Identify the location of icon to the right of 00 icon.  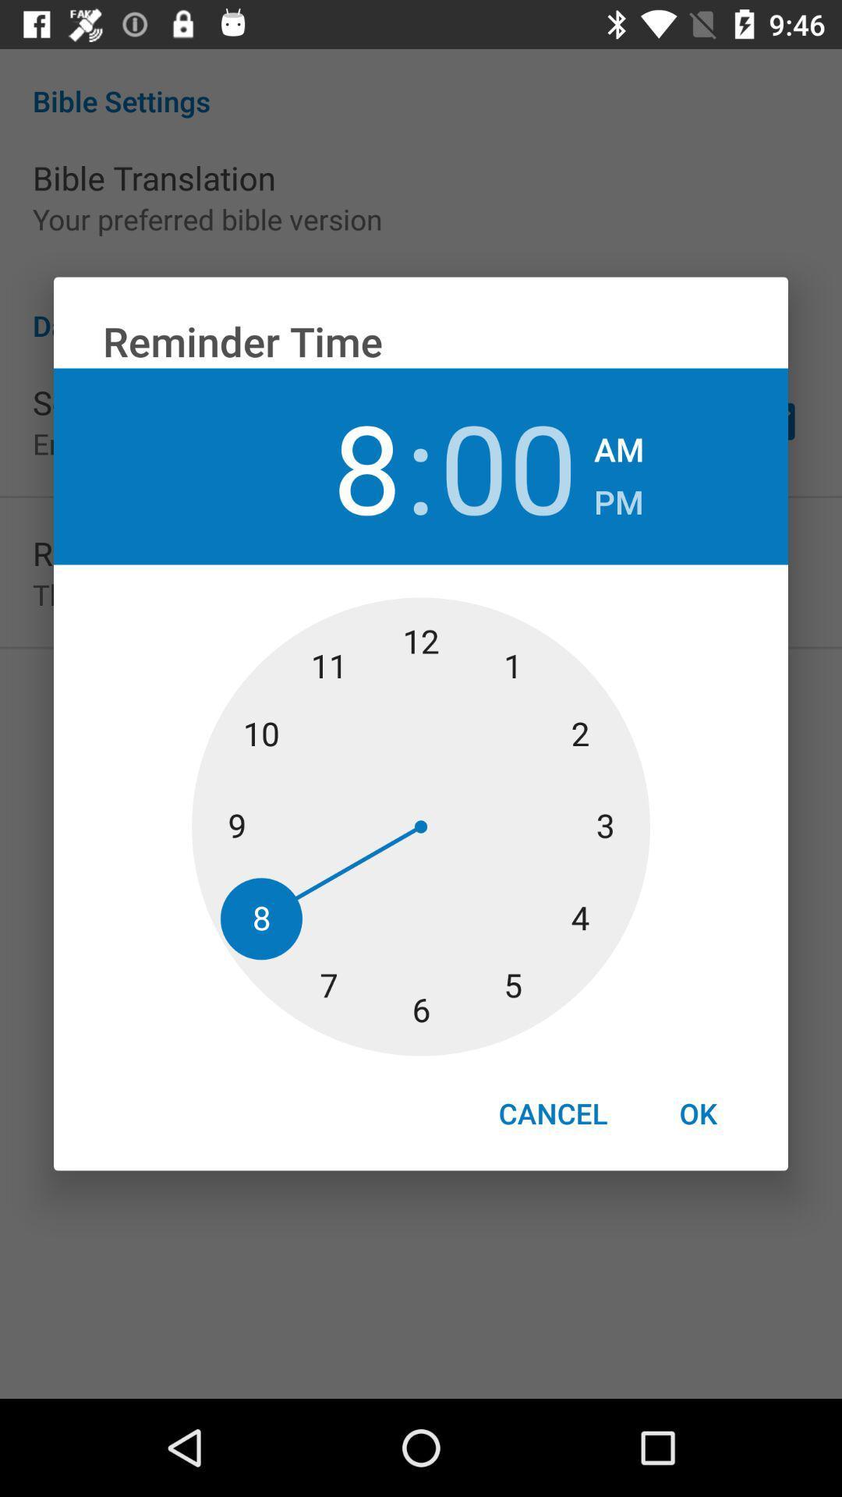
(617, 497).